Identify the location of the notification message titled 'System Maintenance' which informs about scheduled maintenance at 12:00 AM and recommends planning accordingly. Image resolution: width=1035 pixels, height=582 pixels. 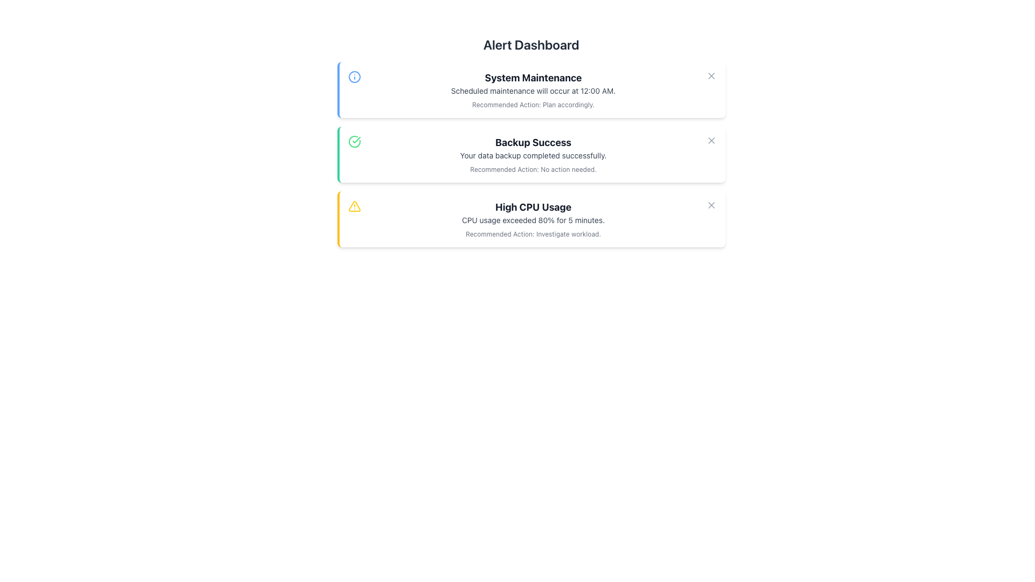
(533, 89).